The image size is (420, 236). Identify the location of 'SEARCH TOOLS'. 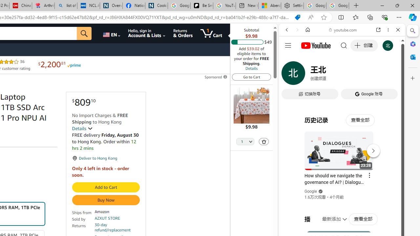
(358, 74).